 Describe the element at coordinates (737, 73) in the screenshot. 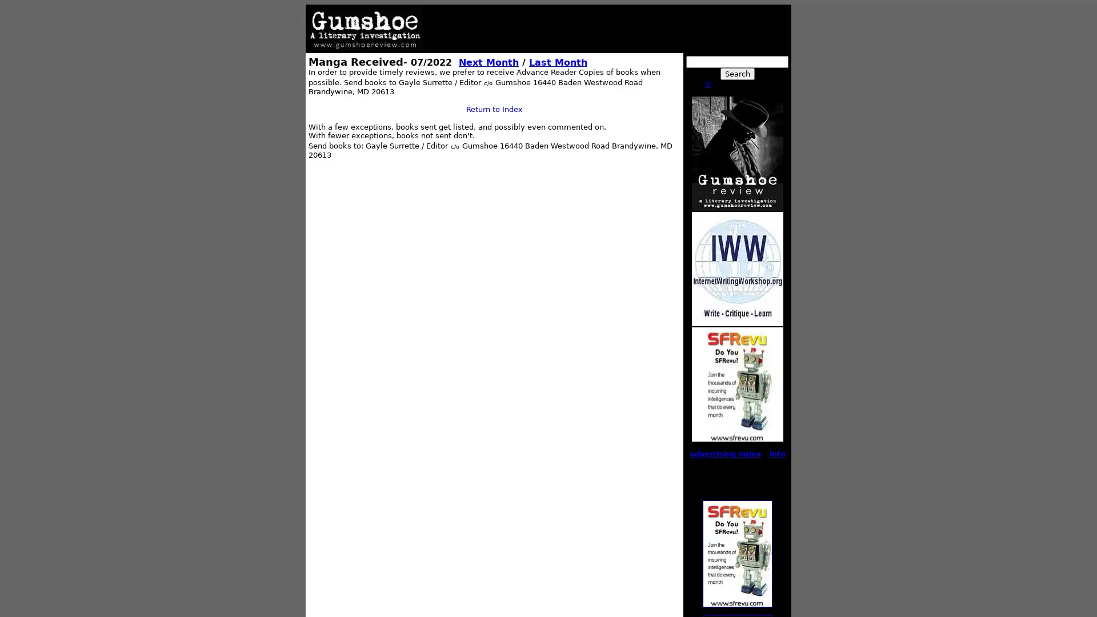

I see `Search` at that location.